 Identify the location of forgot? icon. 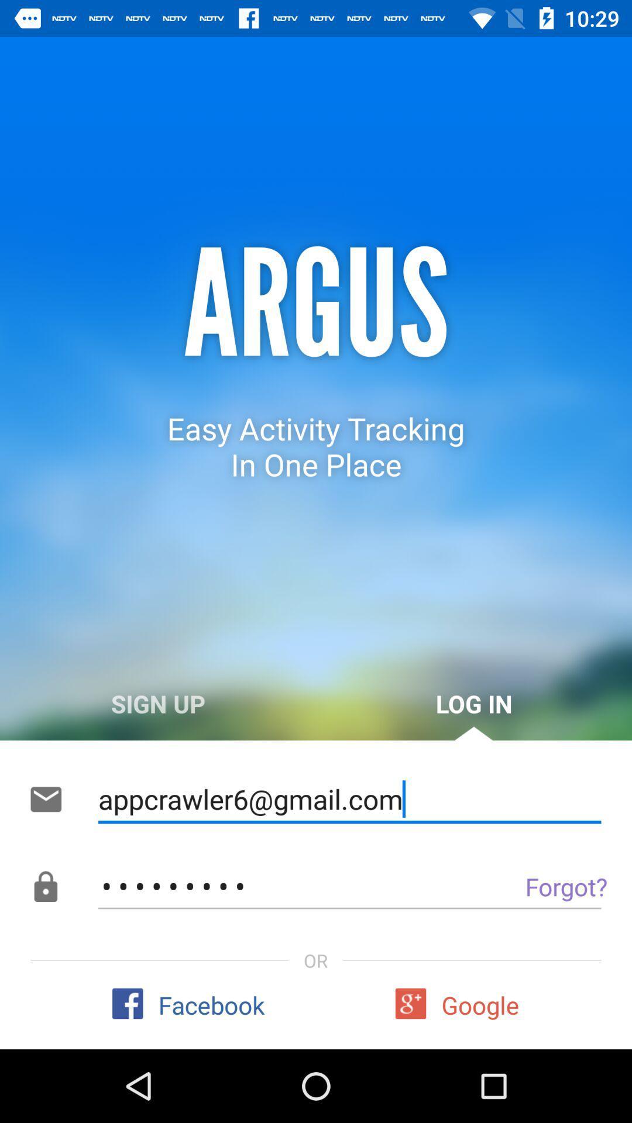
(540, 886).